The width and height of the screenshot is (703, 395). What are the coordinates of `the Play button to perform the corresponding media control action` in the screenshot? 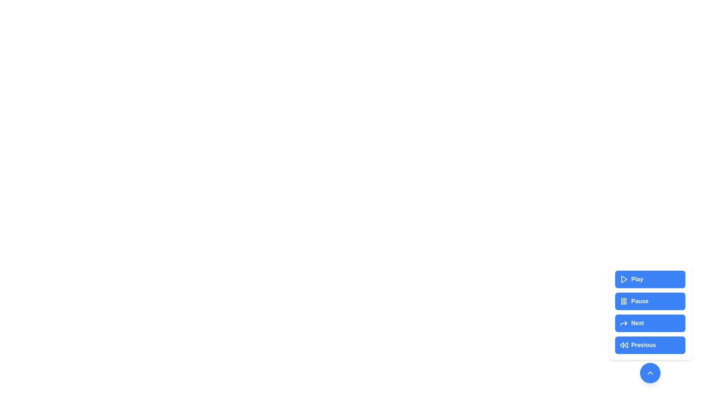 It's located at (650, 279).